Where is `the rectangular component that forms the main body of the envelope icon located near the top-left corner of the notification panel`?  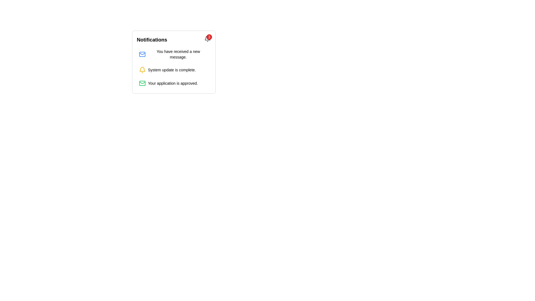 the rectangular component that forms the main body of the envelope icon located near the top-left corner of the notification panel is located at coordinates (142, 54).